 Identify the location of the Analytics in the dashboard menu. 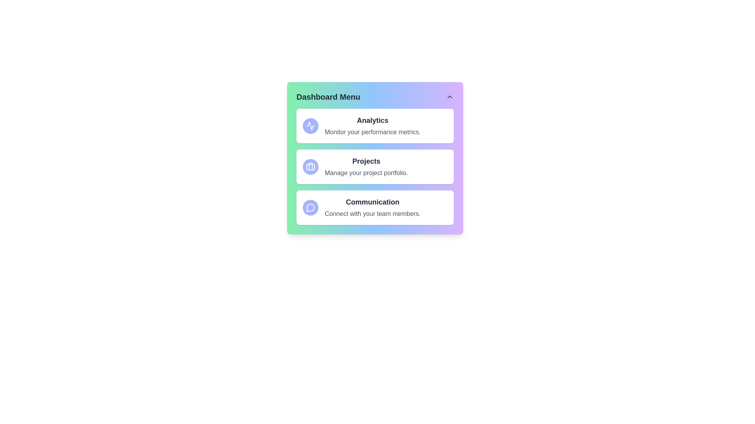
(310, 125).